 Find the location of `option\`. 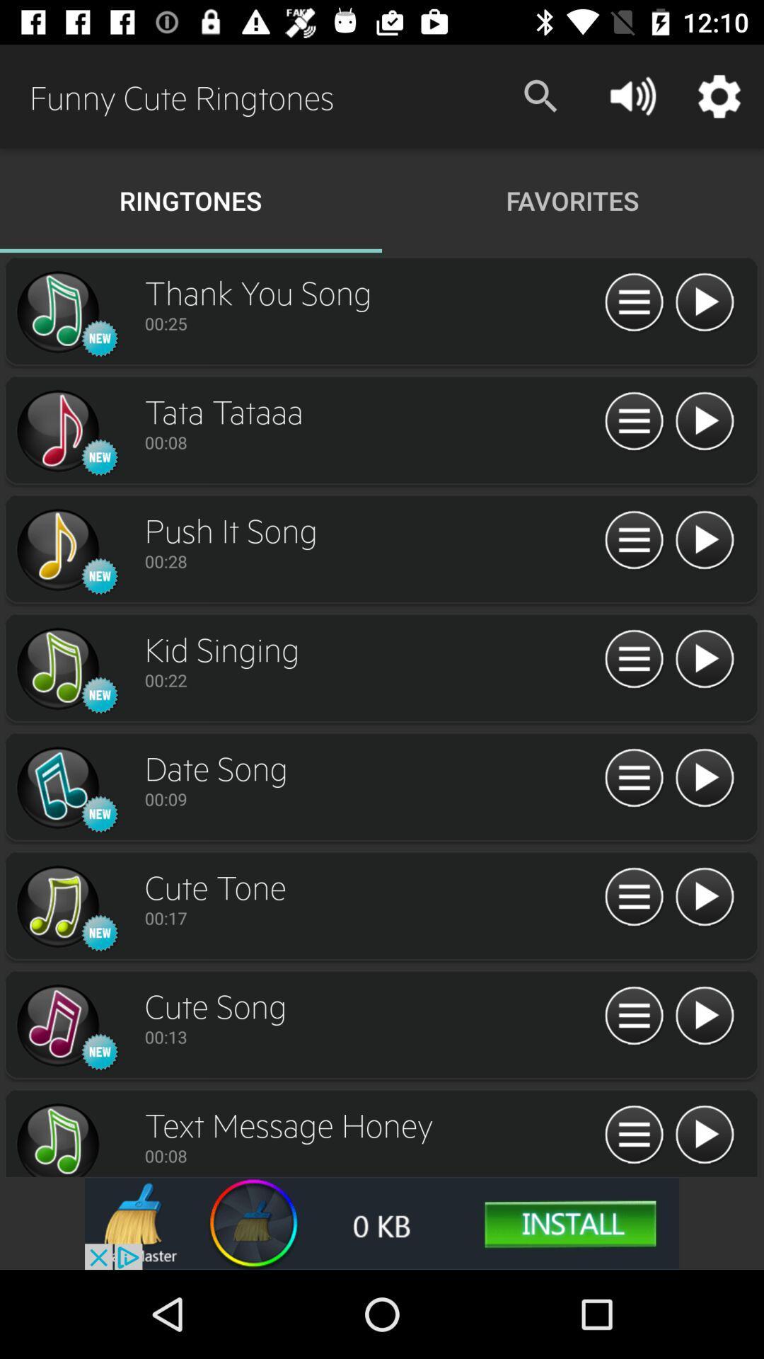

option\ is located at coordinates (704, 659).